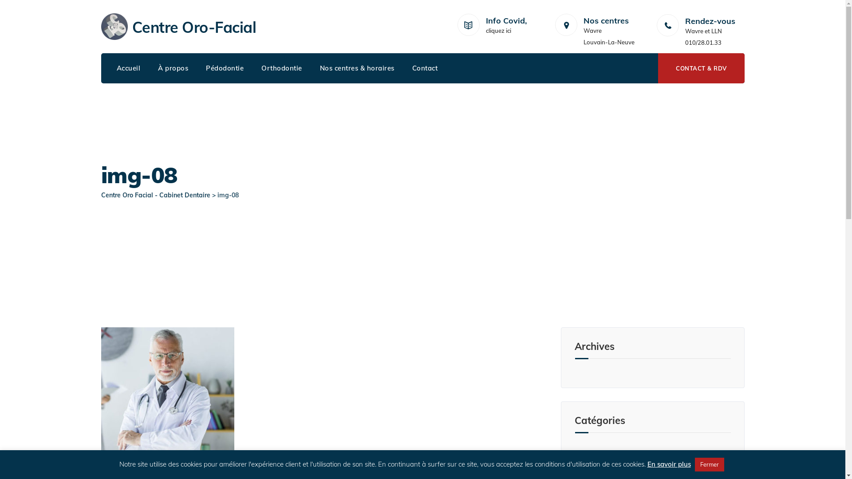 The width and height of the screenshot is (852, 479). What do you see at coordinates (155, 194) in the screenshot?
I see `'Centre Oro Facial - Cabinet Dentaire'` at bounding box center [155, 194].